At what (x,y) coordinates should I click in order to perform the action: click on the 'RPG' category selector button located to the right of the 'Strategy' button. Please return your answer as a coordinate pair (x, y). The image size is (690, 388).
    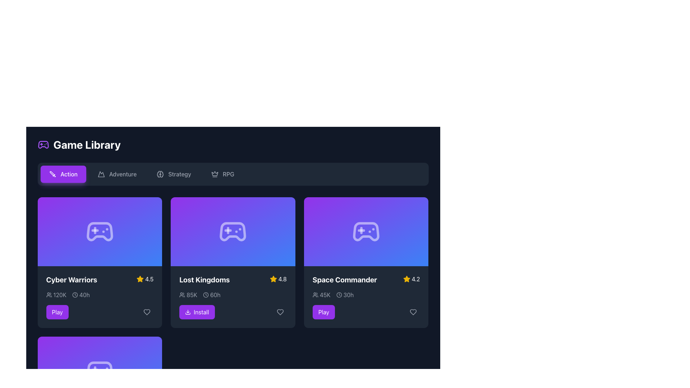
    Looking at the image, I should click on (222, 174).